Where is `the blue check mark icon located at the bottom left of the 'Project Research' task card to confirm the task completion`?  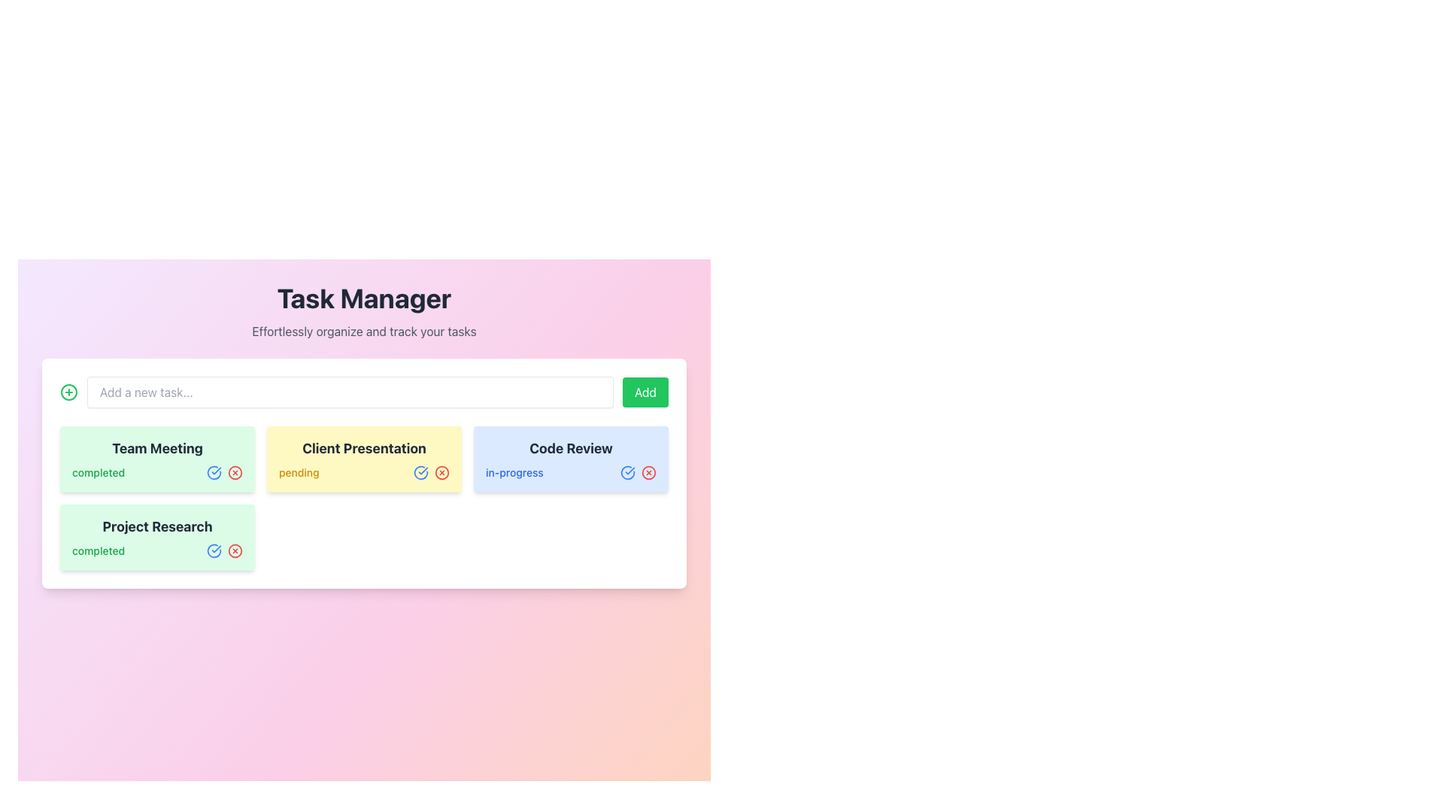 the blue check mark icon located at the bottom left of the 'Project Research' task card to confirm the task completion is located at coordinates (223, 550).